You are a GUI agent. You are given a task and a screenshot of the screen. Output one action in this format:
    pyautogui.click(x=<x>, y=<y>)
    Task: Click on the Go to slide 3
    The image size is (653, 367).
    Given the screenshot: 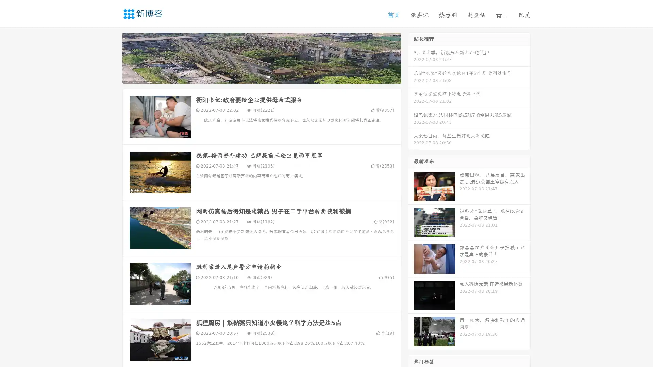 What is the action you would take?
    pyautogui.click(x=268, y=76)
    